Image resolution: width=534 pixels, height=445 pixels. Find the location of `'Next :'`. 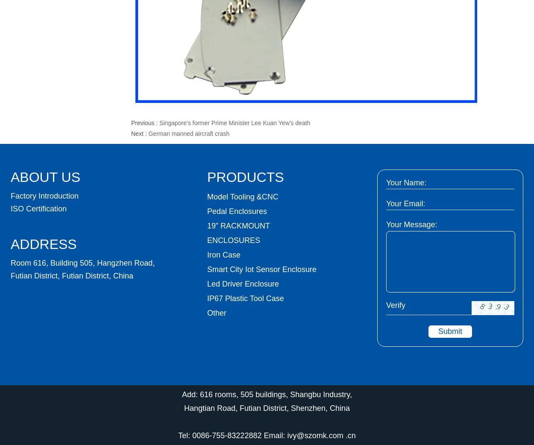

'Next :' is located at coordinates (139, 134).